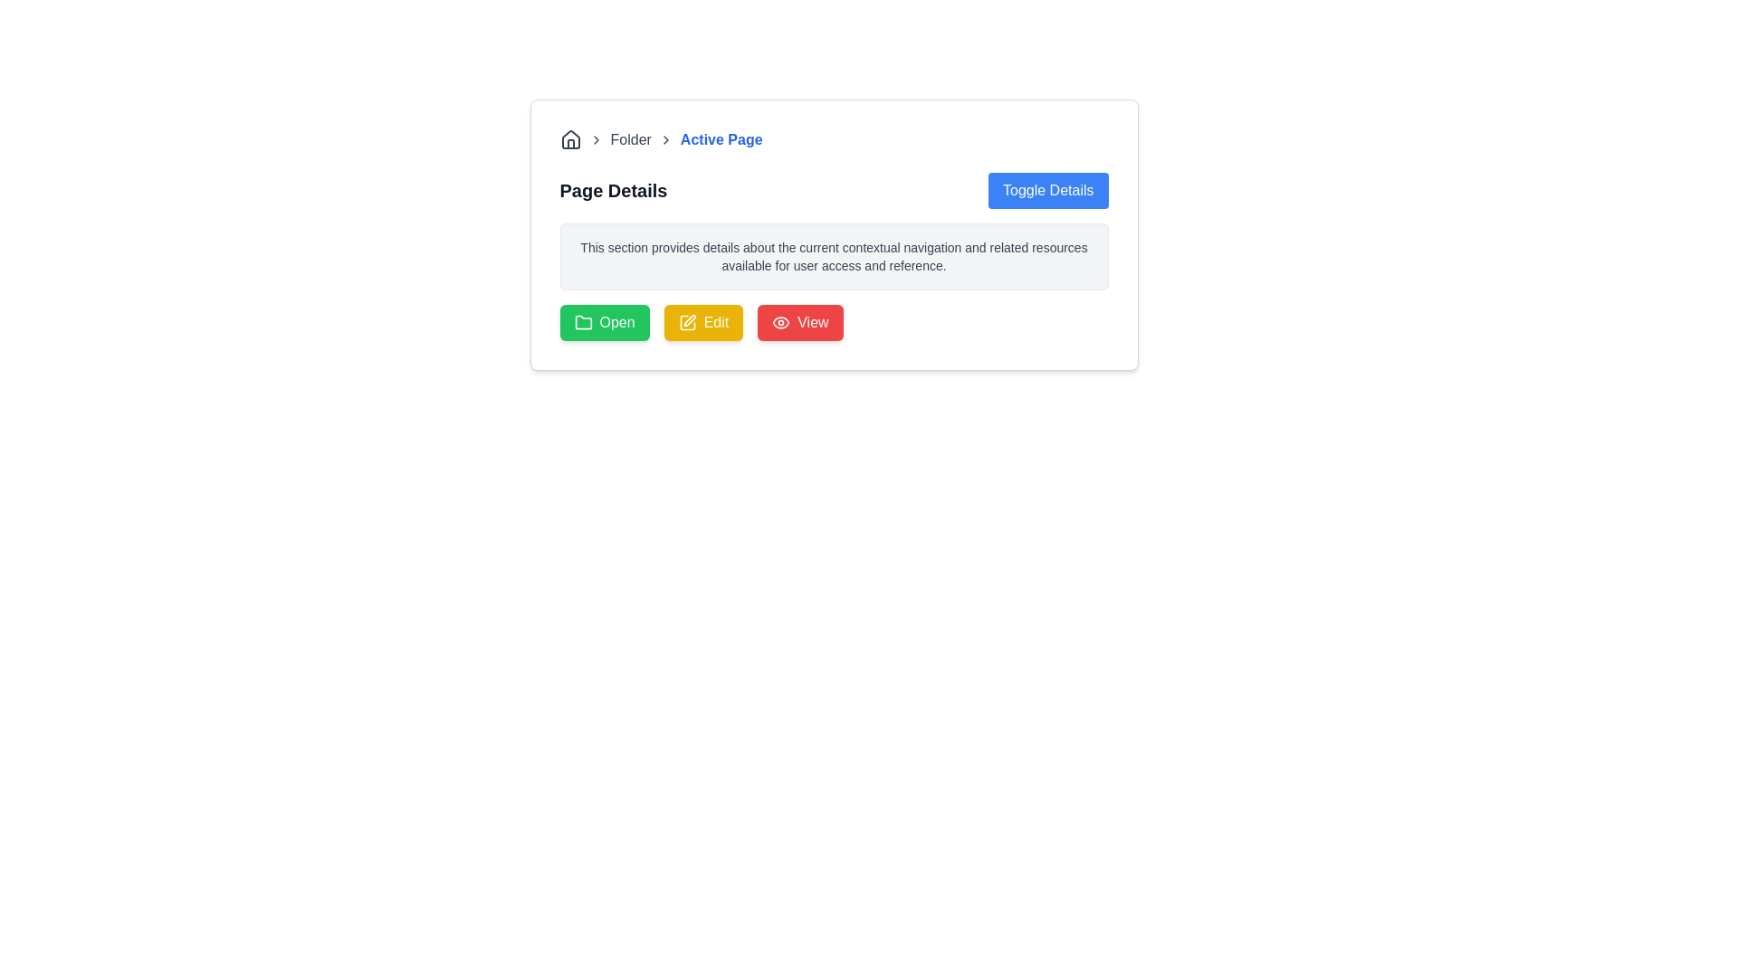 The width and height of the screenshot is (1738, 977). What do you see at coordinates (569, 138) in the screenshot?
I see `the house-shaped icon at the far left of the breadcrumb navigation bar` at bounding box center [569, 138].